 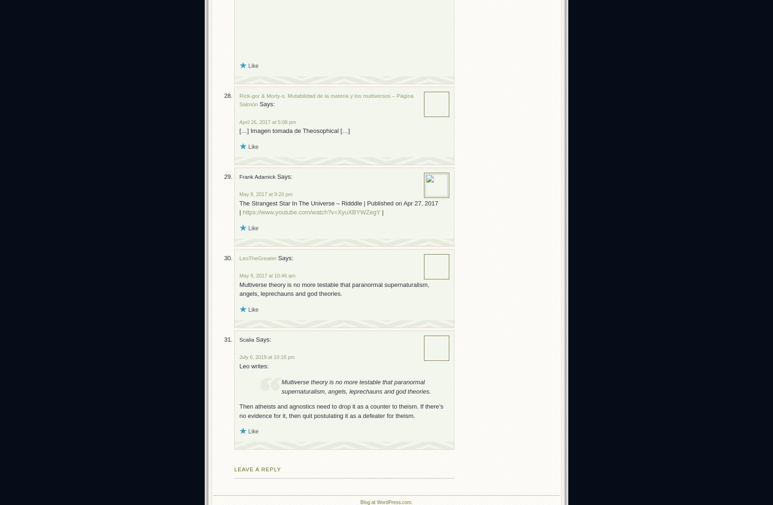 What do you see at coordinates (326, 99) in the screenshot?
I see `'Rick-gor & Morty-s. Mutabilidad de la materia y los multiversos – Página Salmón'` at bounding box center [326, 99].